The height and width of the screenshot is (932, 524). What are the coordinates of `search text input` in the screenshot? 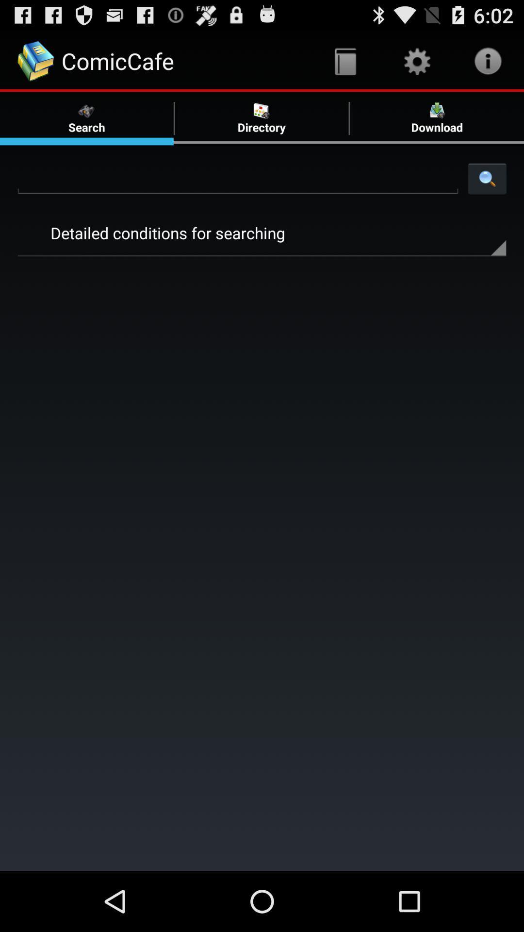 It's located at (238, 178).